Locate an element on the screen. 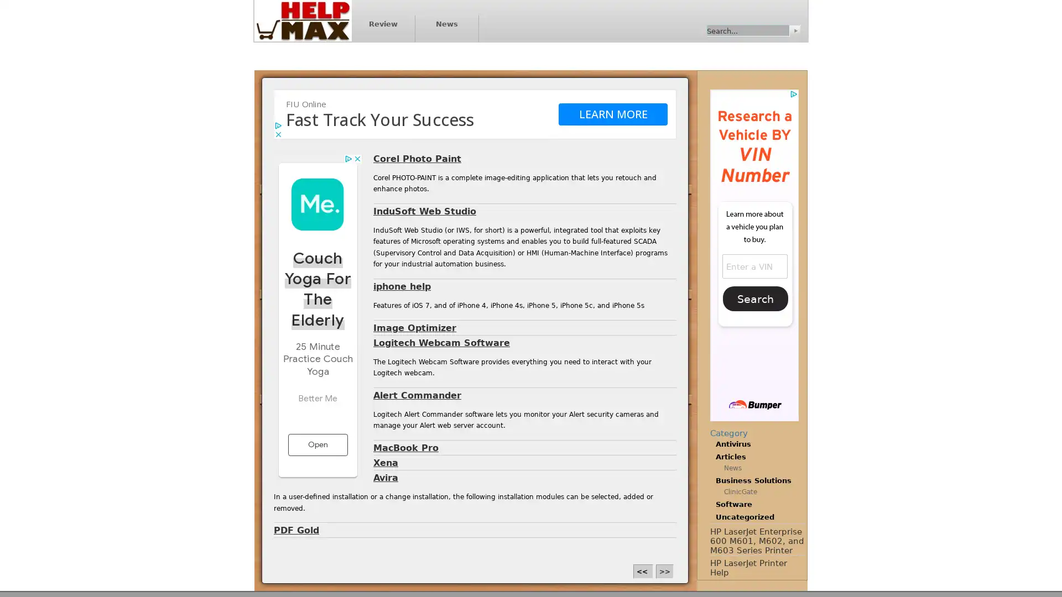  Submit is located at coordinates (793, 30).